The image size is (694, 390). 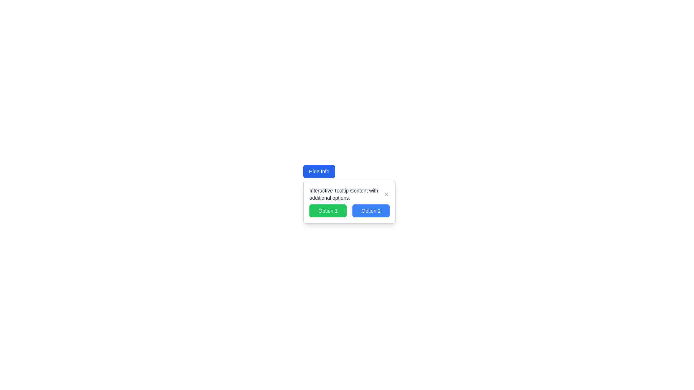 What do you see at coordinates (327, 211) in the screenshot?
I see `the 'Option 1' button, which is a green rectangular button with white text` at bounding box center [327, 211].